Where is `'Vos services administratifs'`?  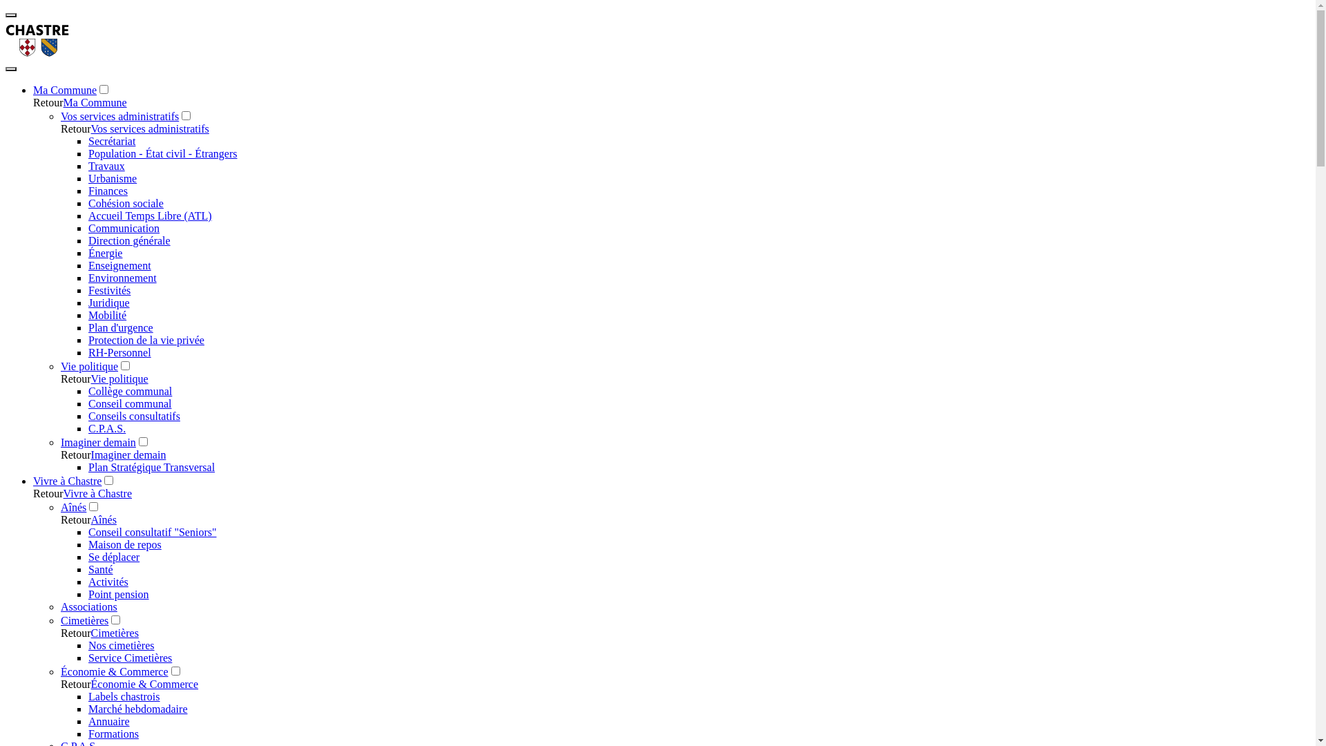 'Vos services administratifs' is located at coordinates (119, 115).